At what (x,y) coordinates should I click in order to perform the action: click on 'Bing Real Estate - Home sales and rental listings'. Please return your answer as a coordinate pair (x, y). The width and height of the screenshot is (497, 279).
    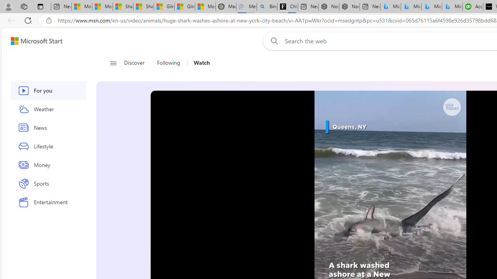
    Looking at the image, I should click on (267, 7).